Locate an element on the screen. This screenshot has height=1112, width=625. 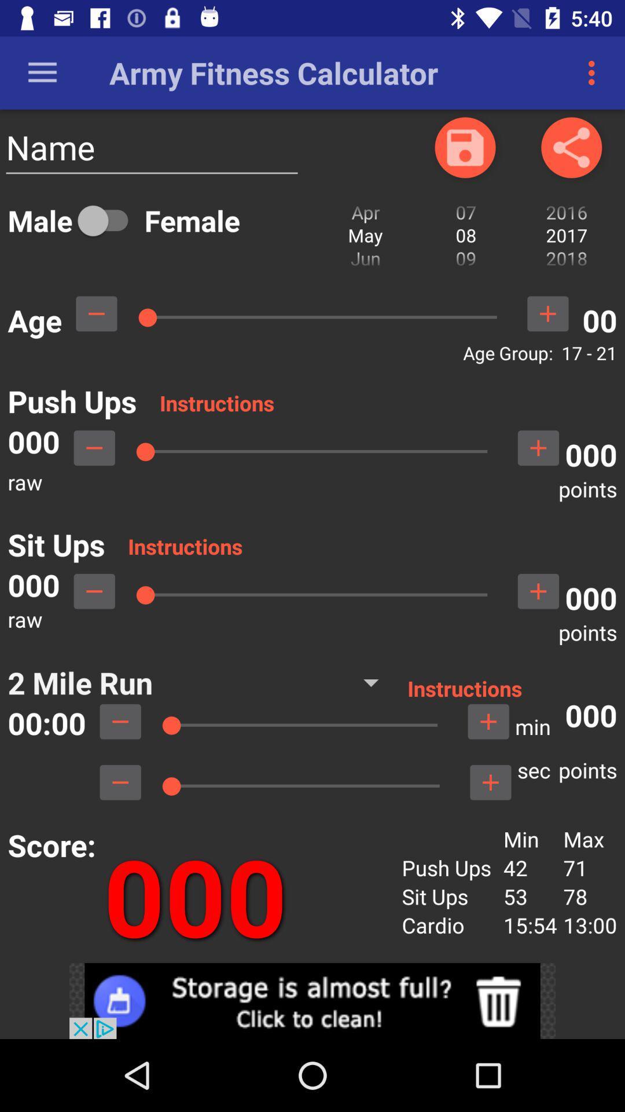
lower push ups count is located at coordinates (94, 447).